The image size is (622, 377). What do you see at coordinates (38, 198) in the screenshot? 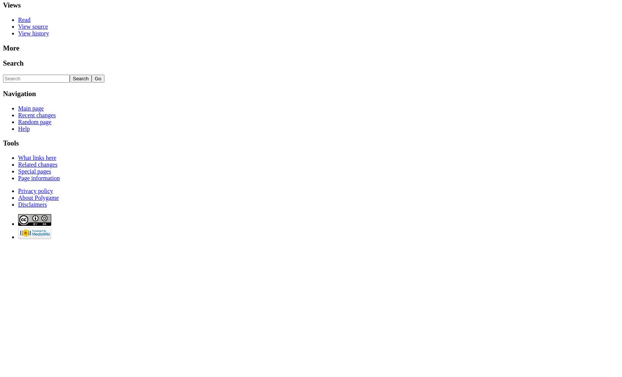
I see `'About Polygame'` at bounding box center [38, 198].